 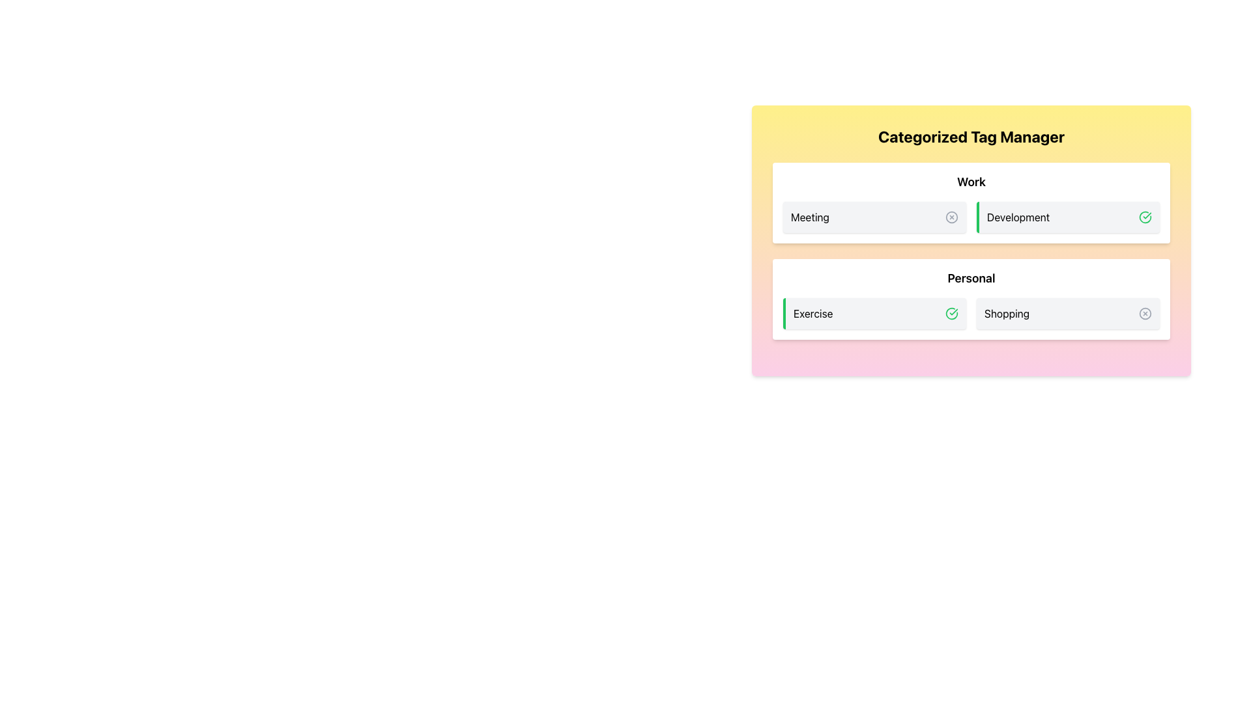 What do you see at coordinates (1144, 314) in the screenshot?
I see `the dismiss icon located to the right of the 'Shopping' label in the 'Personal' section` at bounding box center [1144, 314].